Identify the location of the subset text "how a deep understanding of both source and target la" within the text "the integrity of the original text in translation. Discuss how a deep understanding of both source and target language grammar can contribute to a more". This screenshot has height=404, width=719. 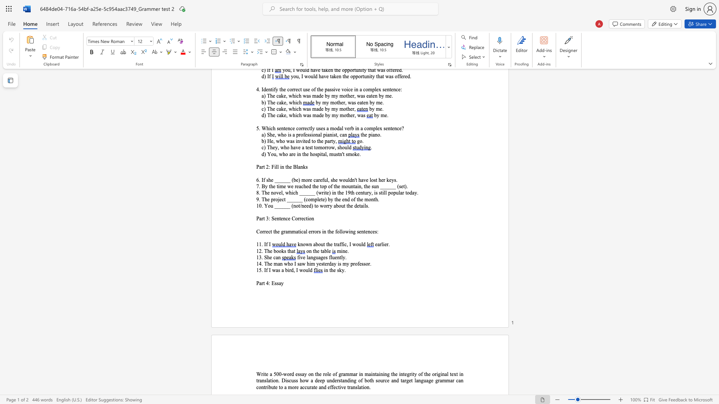
(300, 380).